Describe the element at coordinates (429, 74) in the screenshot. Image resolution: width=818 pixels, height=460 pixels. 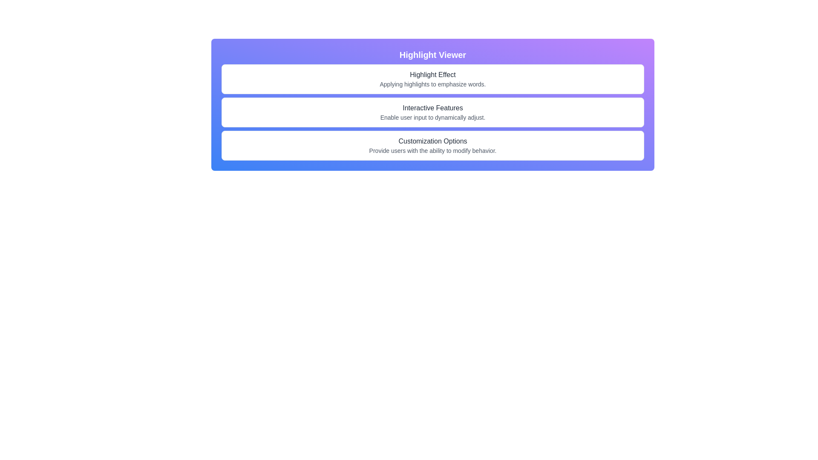
I see `the lowercase letter 'g' in the text 'Highlight Effect', which is the seventh character of the word 'Highlight'` at that location.